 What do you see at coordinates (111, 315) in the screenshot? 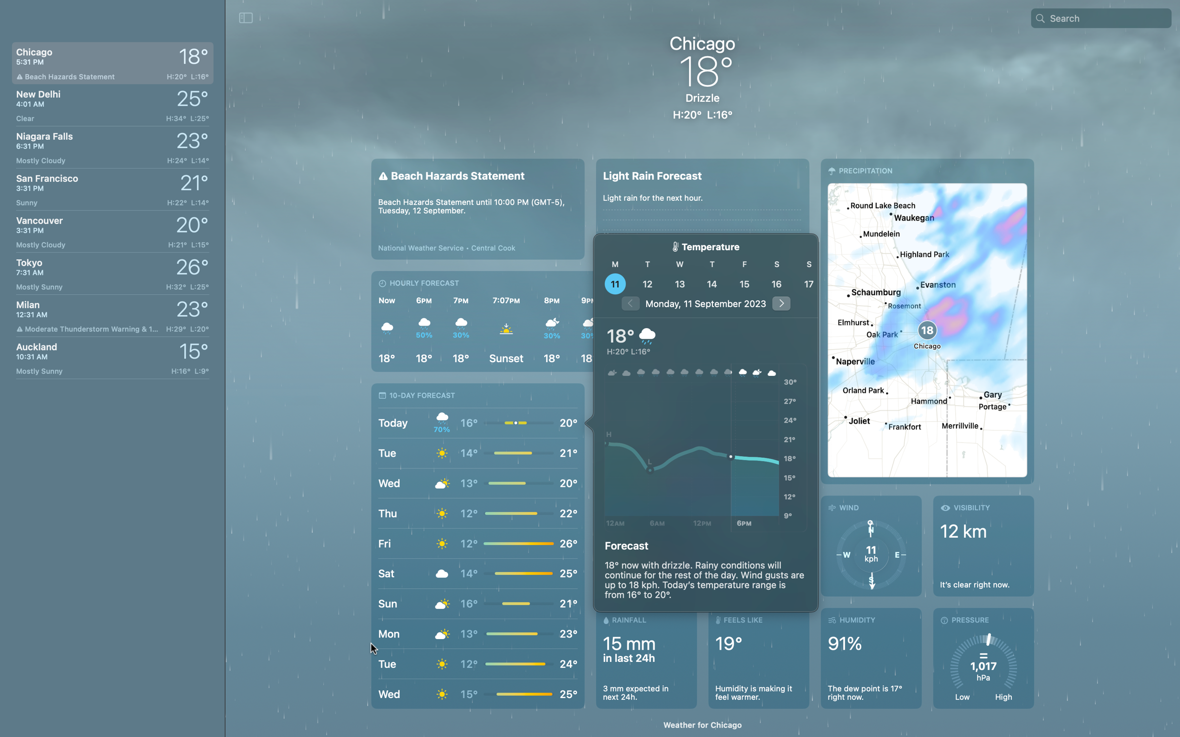
I see `Display the current weather of Milan` at bounding box center [111, 315].